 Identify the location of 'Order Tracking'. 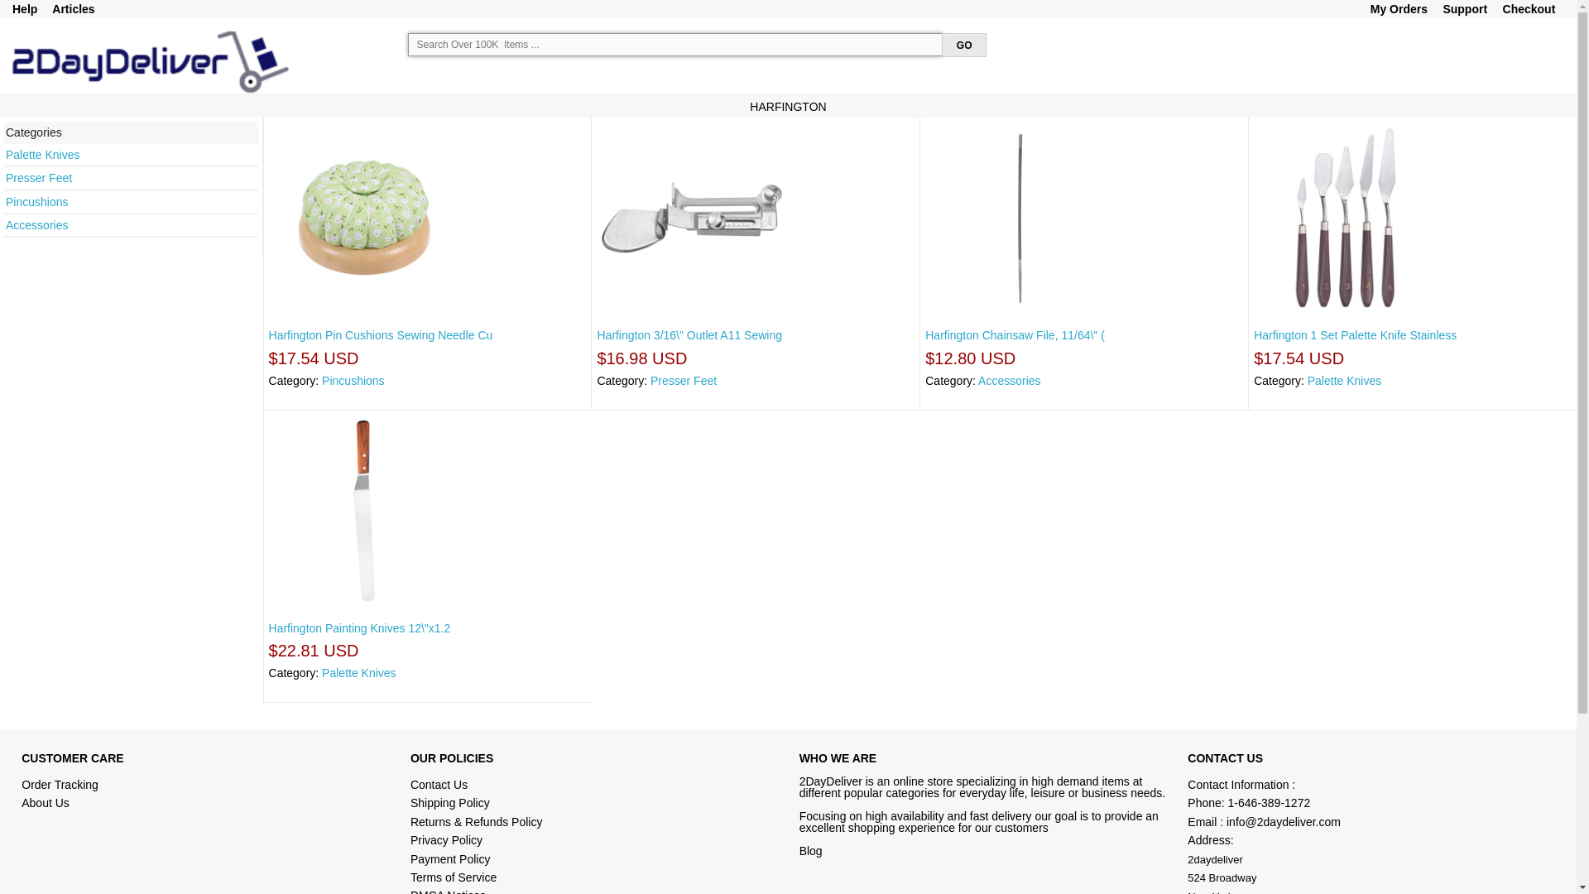
(60, 784).